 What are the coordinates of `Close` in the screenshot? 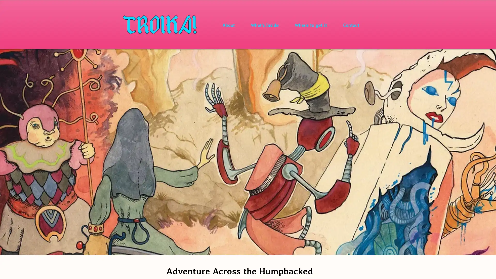 It's located at (490, 270).